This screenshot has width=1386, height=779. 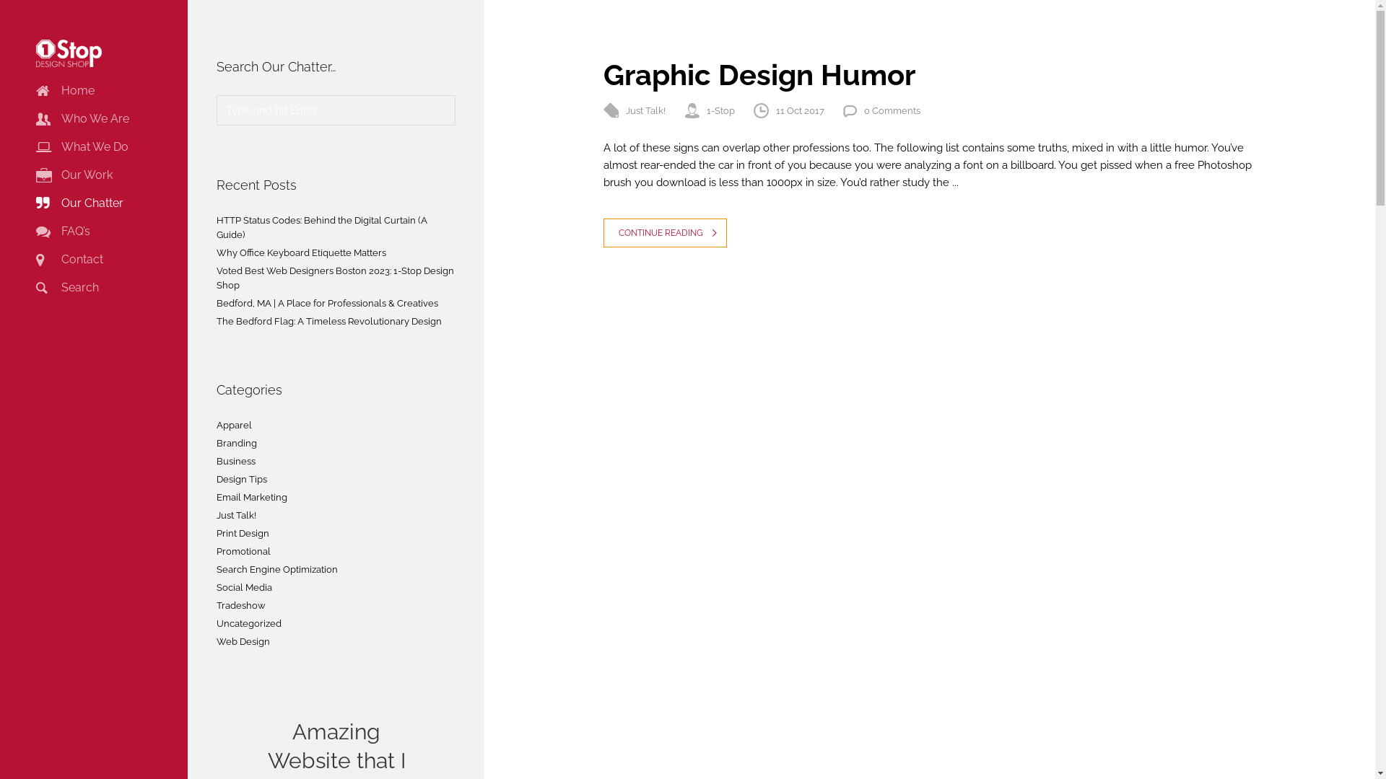 What do you see at coordinates (244, 587) in the screenshot?
I see `'Social Media'` at bounding box center [244, 587].